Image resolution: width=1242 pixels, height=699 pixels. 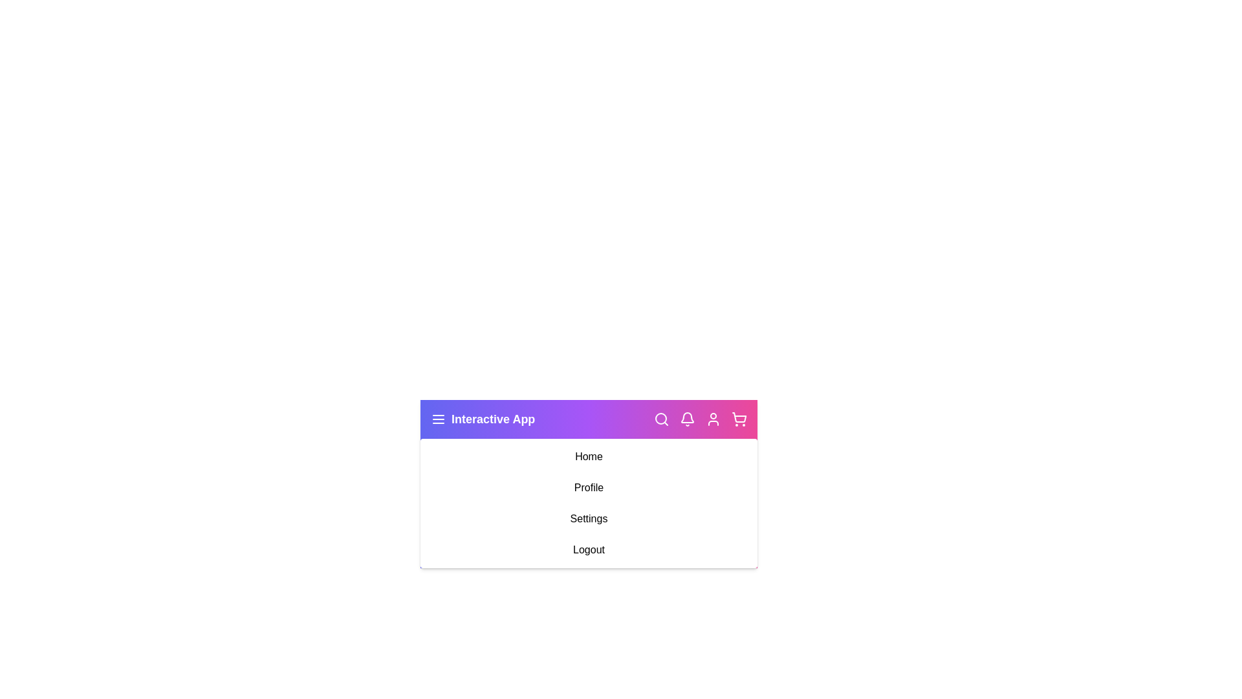 I want to click on the search icon to initiate a search, so click(x=661, y=419).